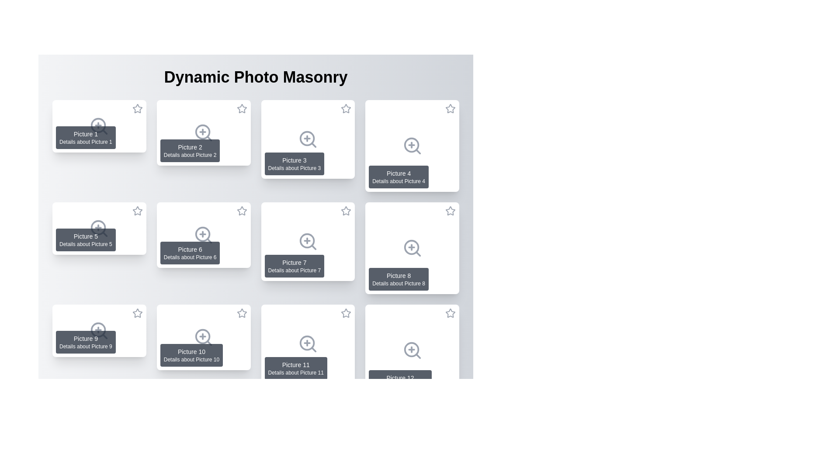 Image resolution: width=839 pixels, height=472 pixels. I want to click on the static text label for 'Picture 8', located at the lower-left corner of the card in the fourth column and third row of the photo masonry layout, so click(398, 279).